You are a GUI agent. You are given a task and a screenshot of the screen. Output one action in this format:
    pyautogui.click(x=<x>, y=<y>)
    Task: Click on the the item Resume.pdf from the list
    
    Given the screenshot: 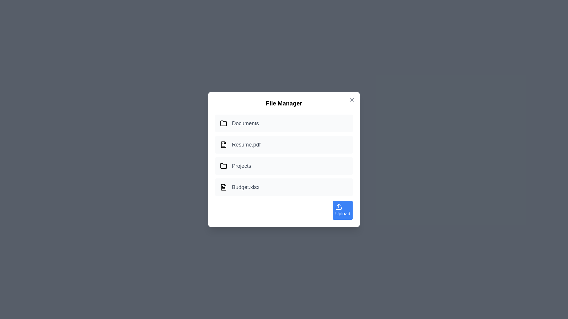 What is the action you would take?
    pyautogui.click(x=284, y=144)
    